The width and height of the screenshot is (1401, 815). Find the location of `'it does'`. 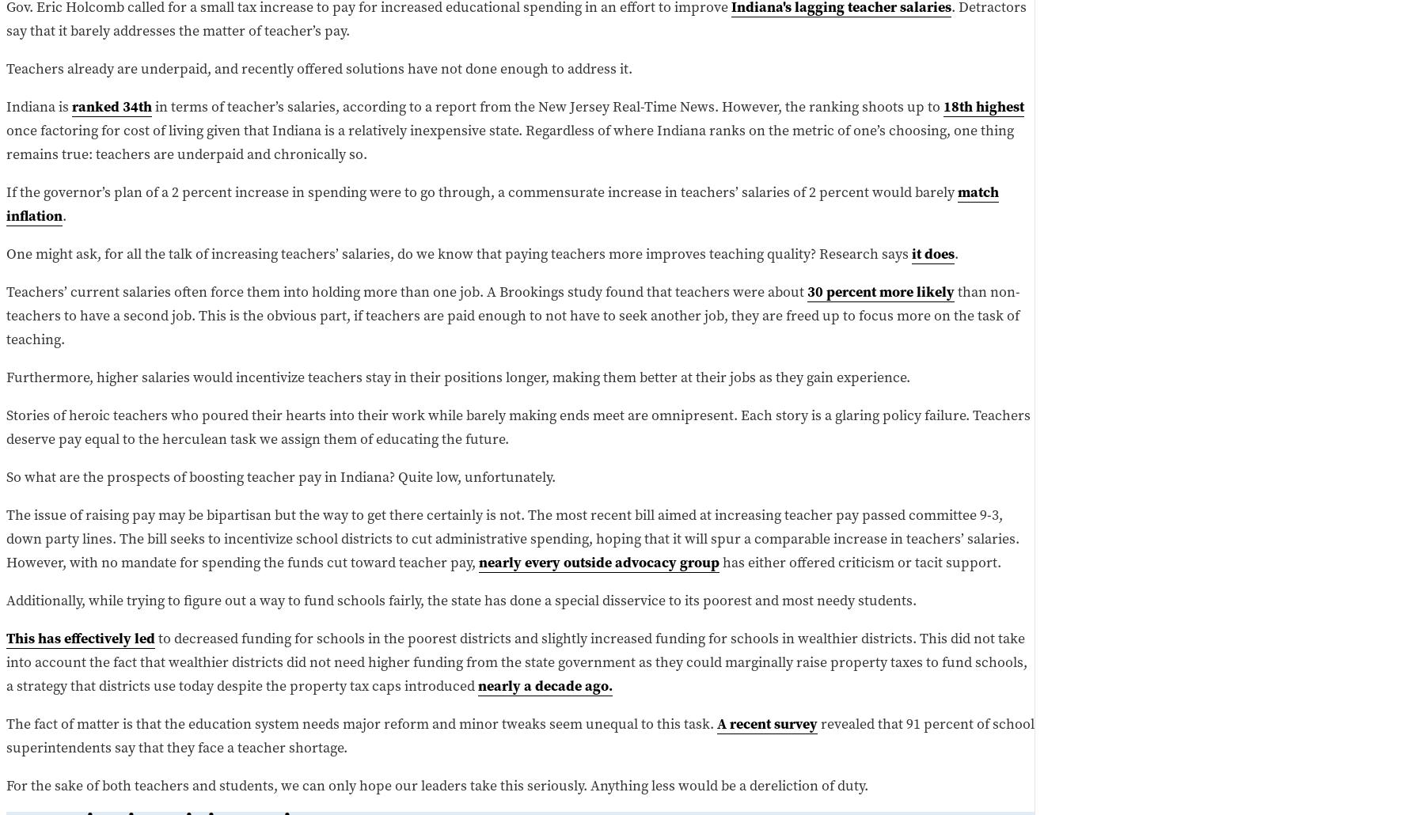

'it does' is located at coordinates (932, 252).